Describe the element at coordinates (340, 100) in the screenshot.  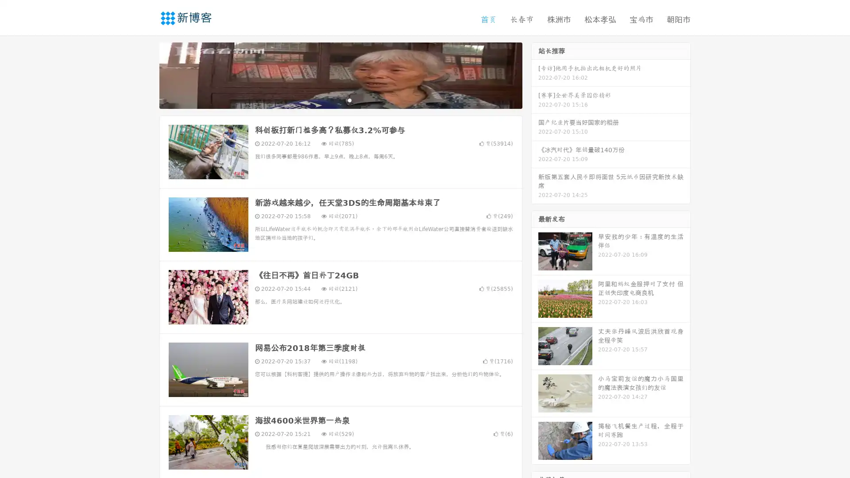
I see `Go to slide 2` at that location.